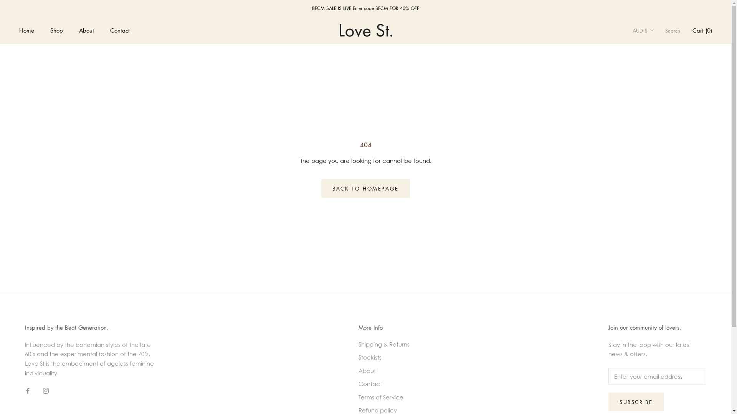 Image resolution: width=737 pixels, height=414 pixels. What do you see at coordinates (384, 384) in the screenshot?
I see `'Contact'` at bounding box center [384, 384].